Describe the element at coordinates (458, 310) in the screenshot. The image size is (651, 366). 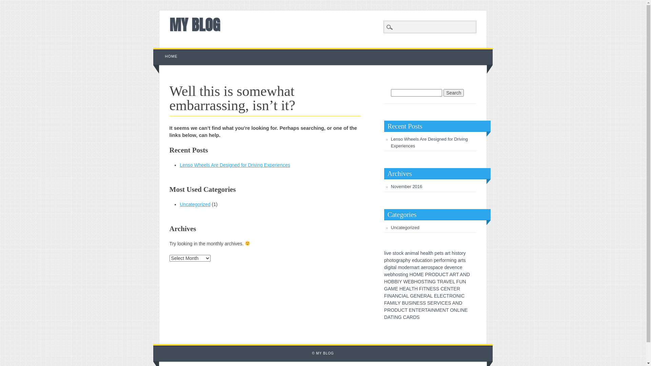
I see `'L'` at that location.